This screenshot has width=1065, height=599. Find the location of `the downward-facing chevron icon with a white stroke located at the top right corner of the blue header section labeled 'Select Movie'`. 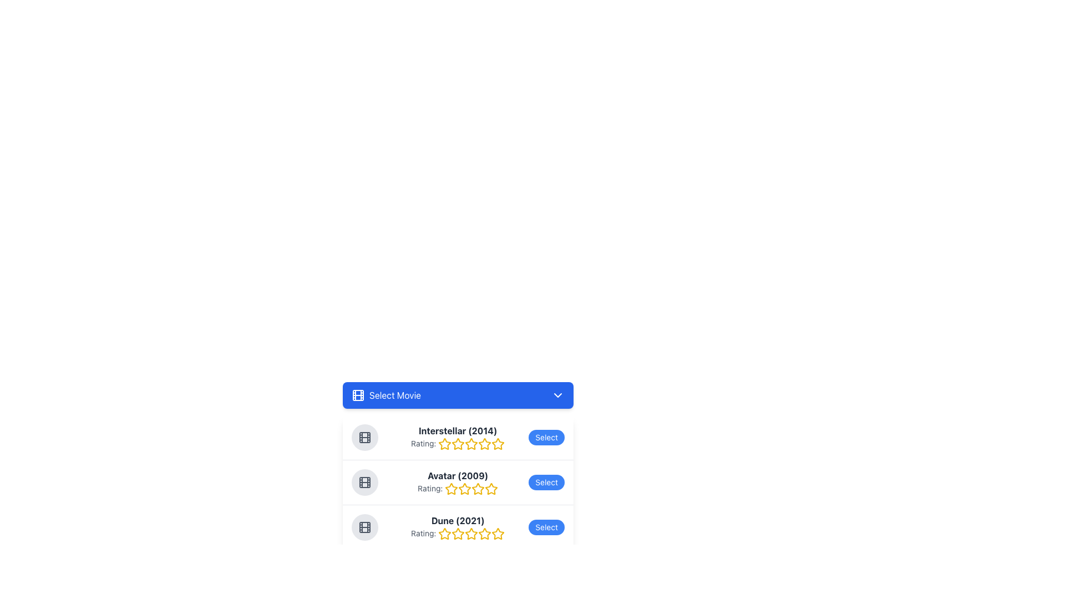

the downward-facing chevron icon with a white stroke located at the top right corner of the blue header section labeled 'Select Movie' is located at coordinates (558, 395).